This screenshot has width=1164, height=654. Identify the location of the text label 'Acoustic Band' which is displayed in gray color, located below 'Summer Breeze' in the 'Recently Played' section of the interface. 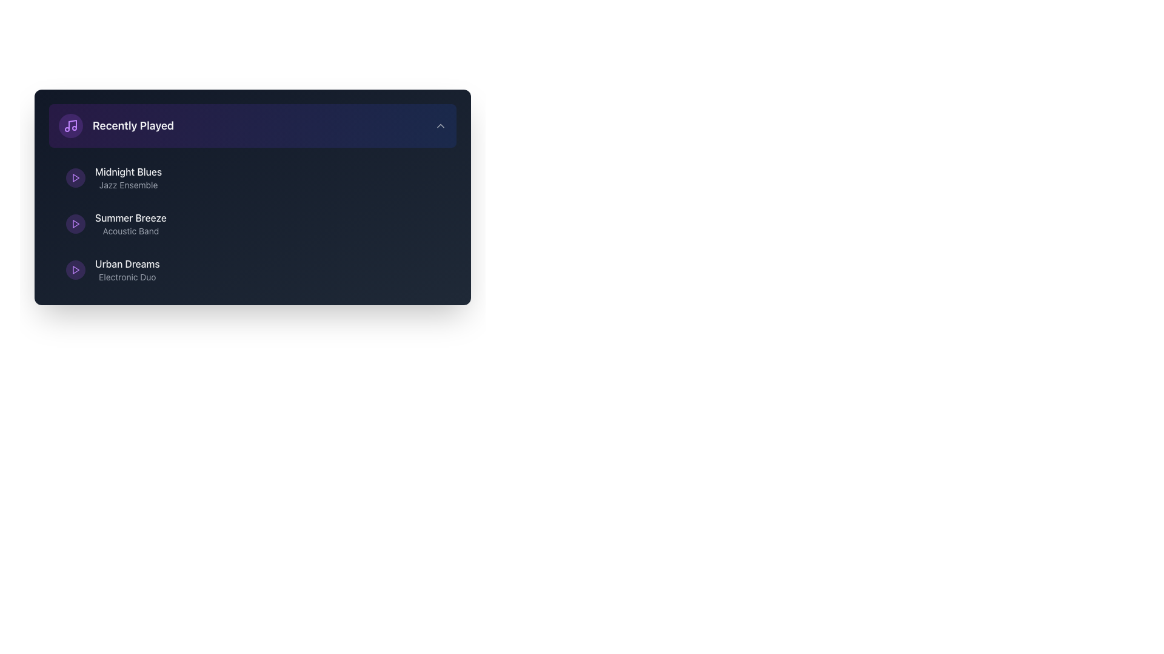
(130, 231).